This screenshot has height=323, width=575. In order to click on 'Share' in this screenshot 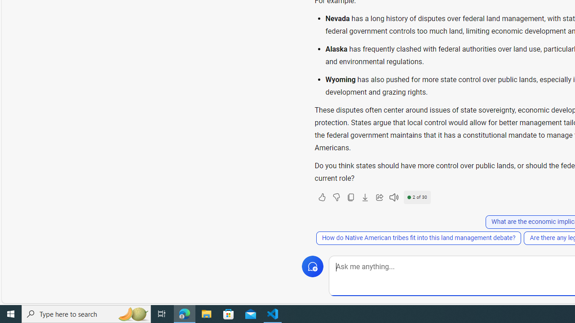, I will do `click(379, 196)`.